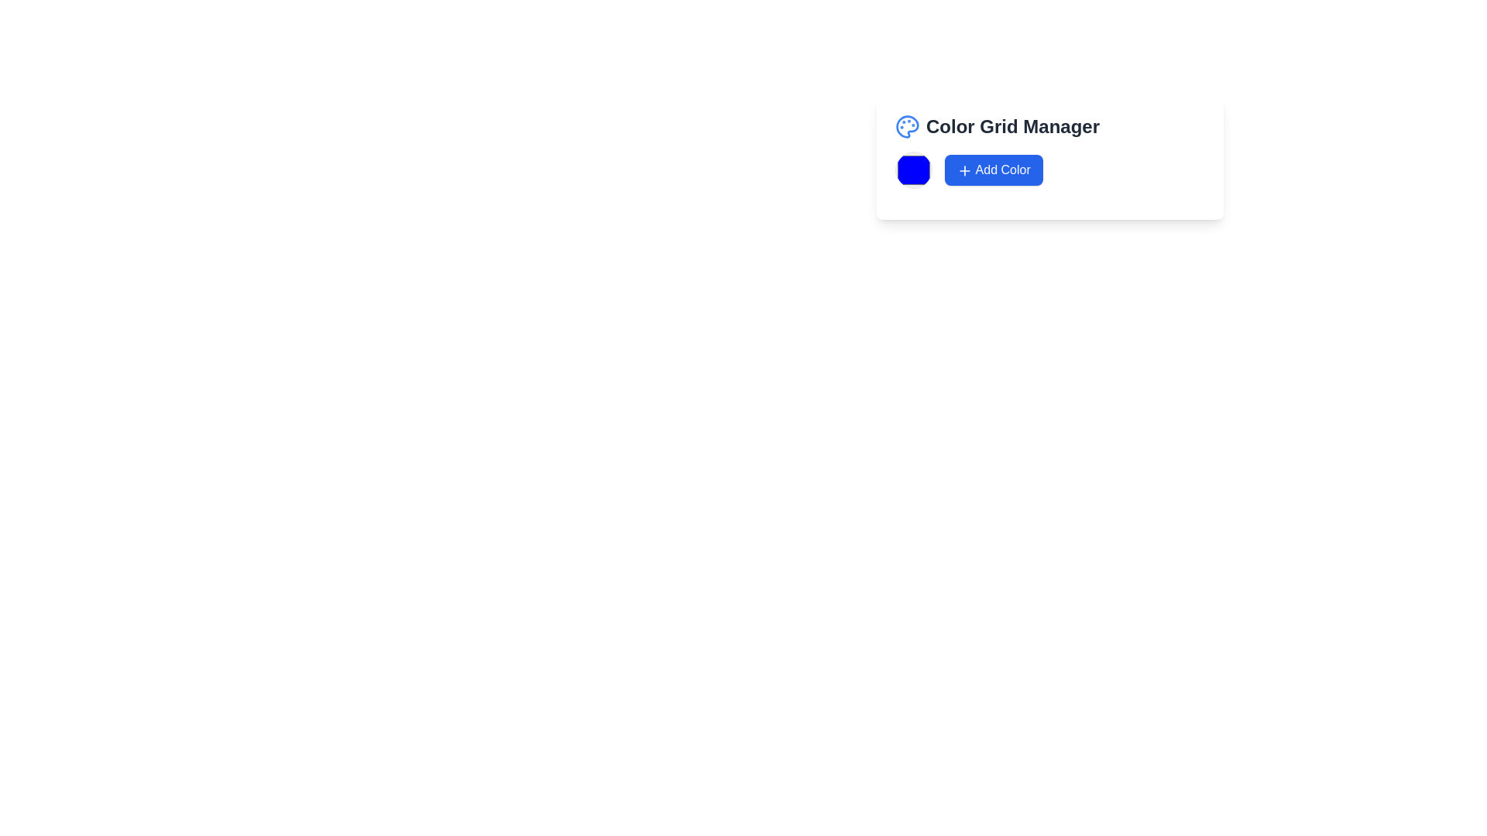 The image size is (1487, 836). Describe the element at coordinates (994, 170) in the screenshot. I see `the 'Add Color' button, which is a rectangular button with rounded corners, blue background, and white text, located within the 'Color Grid Manager' section` at that location.